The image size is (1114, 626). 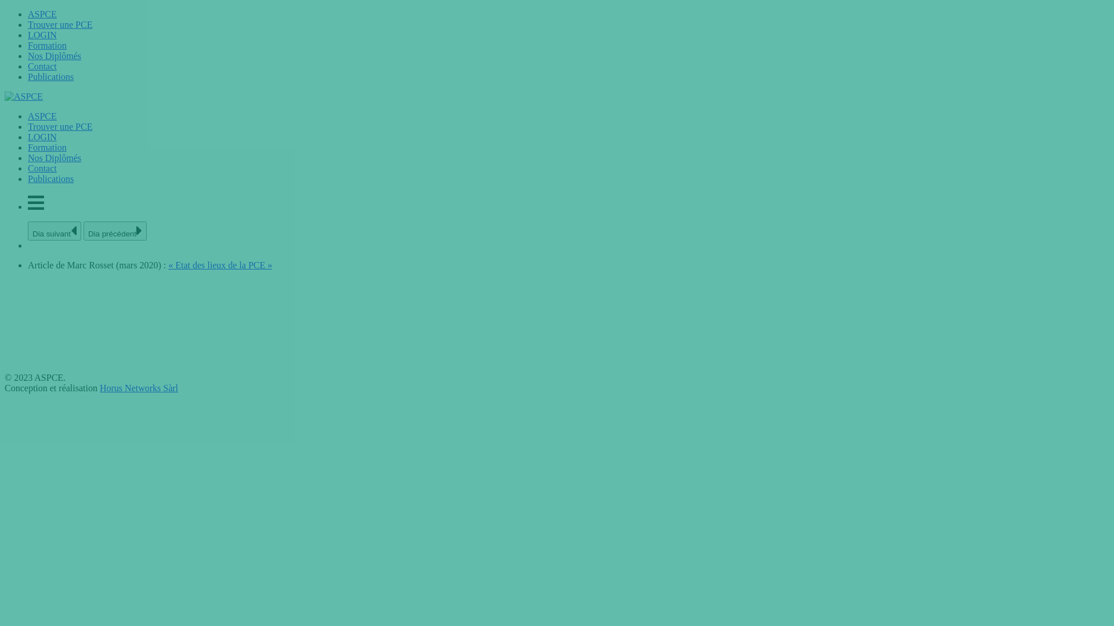 What do you see at coordinates (42, 14) in the screenshot?
I see `'ASPCE'` at bounding box center [42, 14].